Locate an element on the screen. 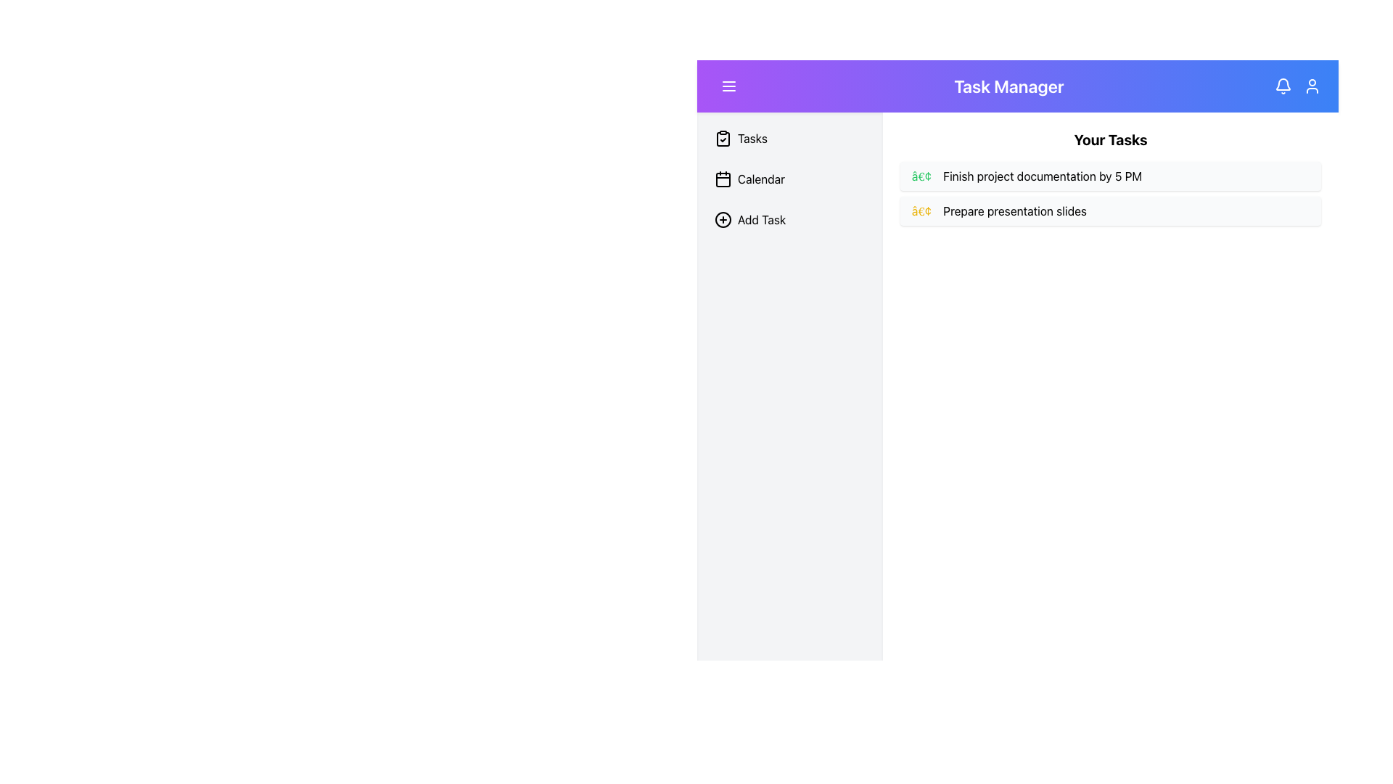  the 'Calendar' item in the vertical navigation menu is located at coordinates (789, 178).